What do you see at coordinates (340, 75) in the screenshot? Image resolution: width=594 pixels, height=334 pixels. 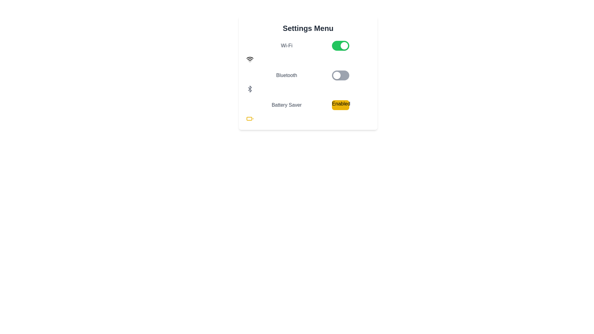 I see `the toggle switch in the Settings Menu, which is a rounded rectangular switch with a gray background and a smaller white circular element on the left side` at bounding box center [340, 75].